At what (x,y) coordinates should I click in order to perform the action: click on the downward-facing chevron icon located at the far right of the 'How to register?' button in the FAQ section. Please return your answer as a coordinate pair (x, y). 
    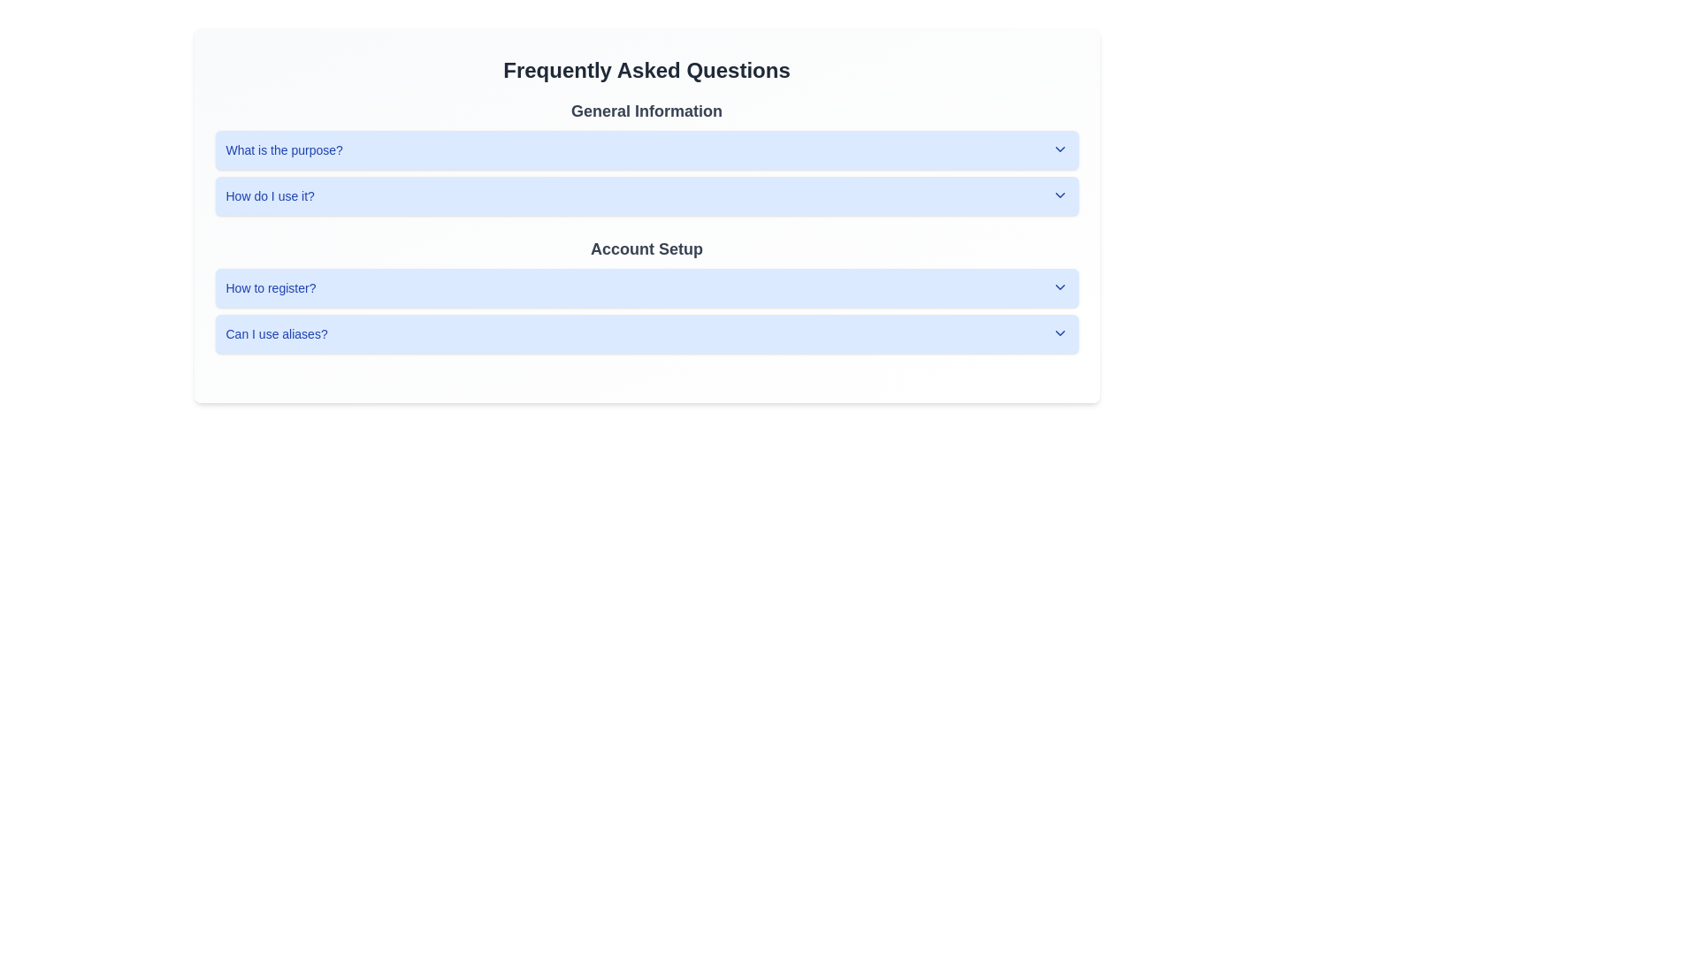
    Looking at the image, I should click on (1059, 286).